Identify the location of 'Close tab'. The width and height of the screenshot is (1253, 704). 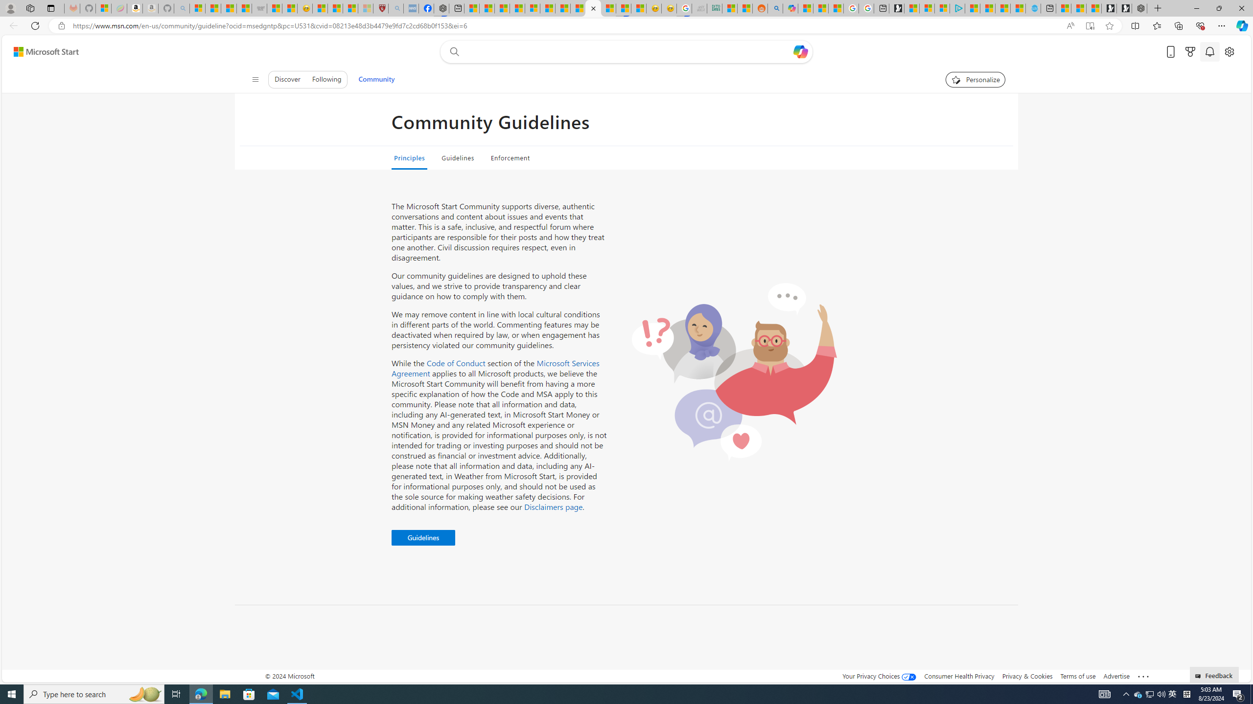
(593, 8).